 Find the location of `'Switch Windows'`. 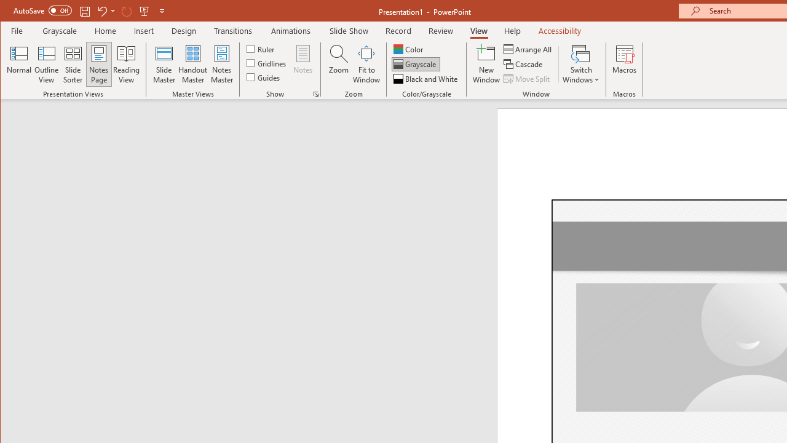

'Switch Windows' is located at coordinates (580, 64).